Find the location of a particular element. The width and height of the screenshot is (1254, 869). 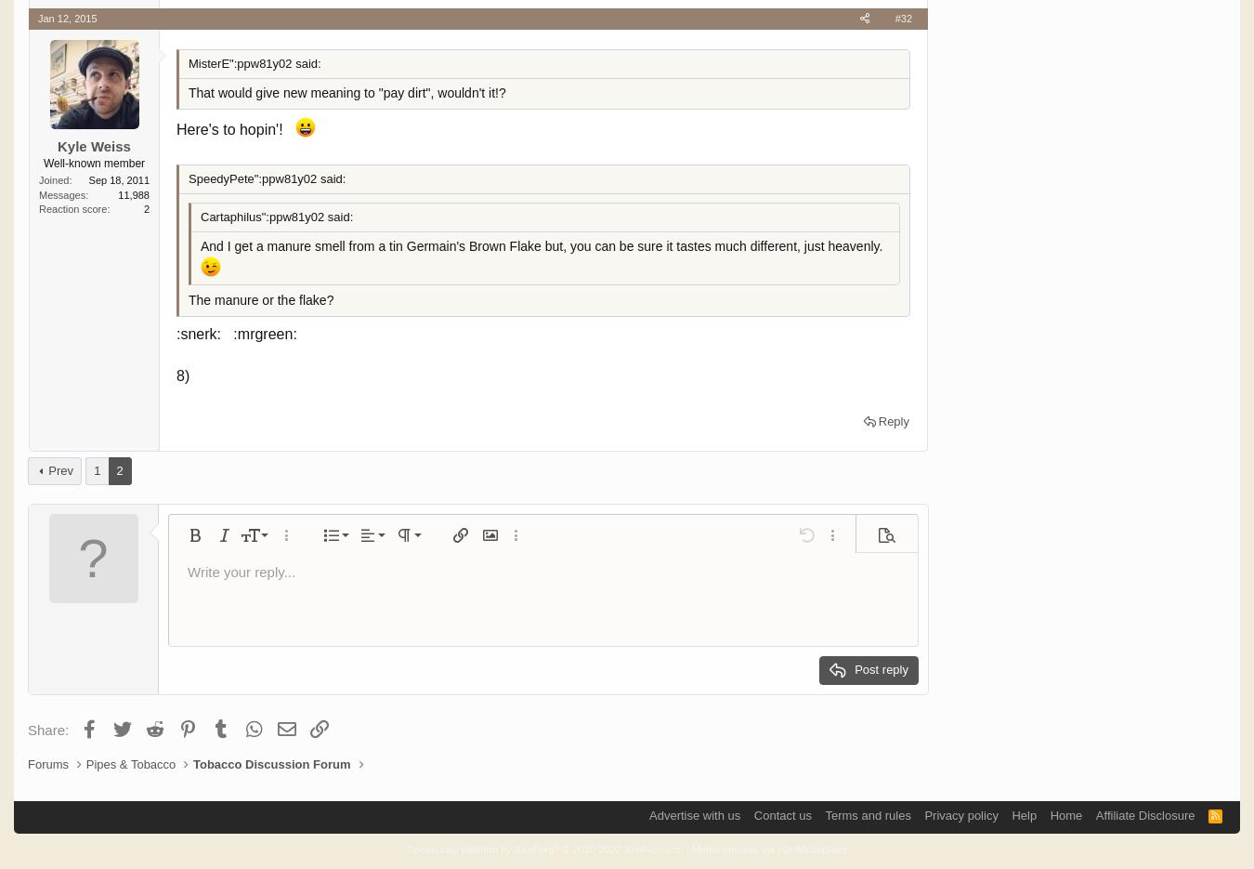

'Community platform by XenForo' is located at coordinates (478, 849).